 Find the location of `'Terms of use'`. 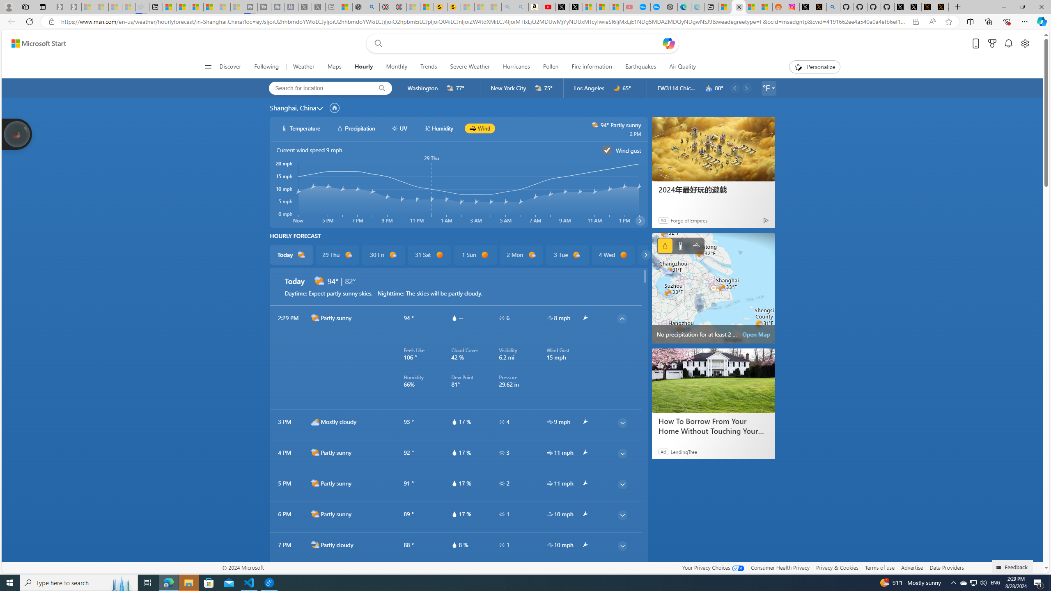

'Terms of use' is located at coordinates (879, 567).